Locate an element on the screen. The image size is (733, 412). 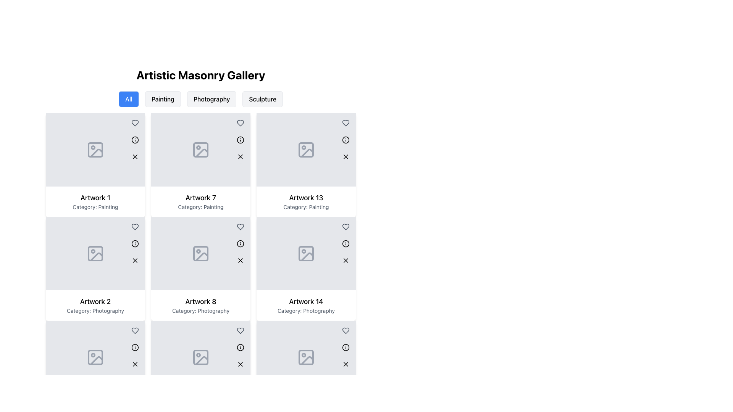
the delete button located at the top-right corner of the 'Artwork 14' card is located at coordinates (346, 364).